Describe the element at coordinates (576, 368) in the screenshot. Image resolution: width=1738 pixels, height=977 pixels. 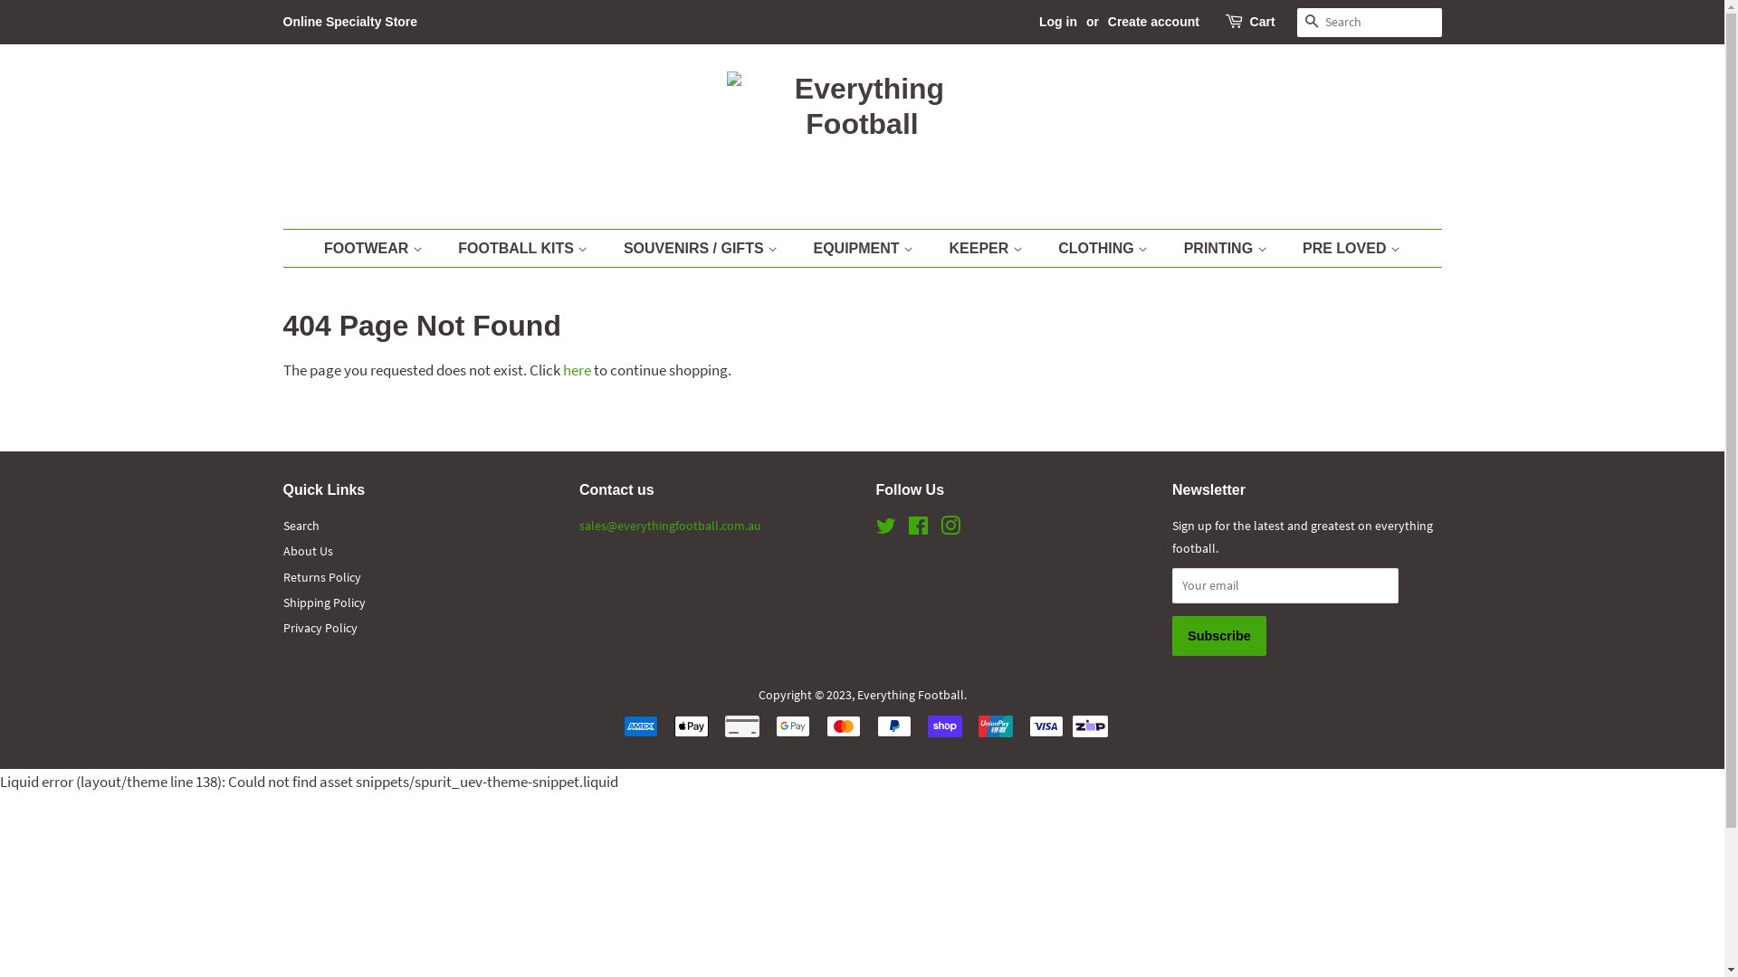
I see `'here'` at that location.